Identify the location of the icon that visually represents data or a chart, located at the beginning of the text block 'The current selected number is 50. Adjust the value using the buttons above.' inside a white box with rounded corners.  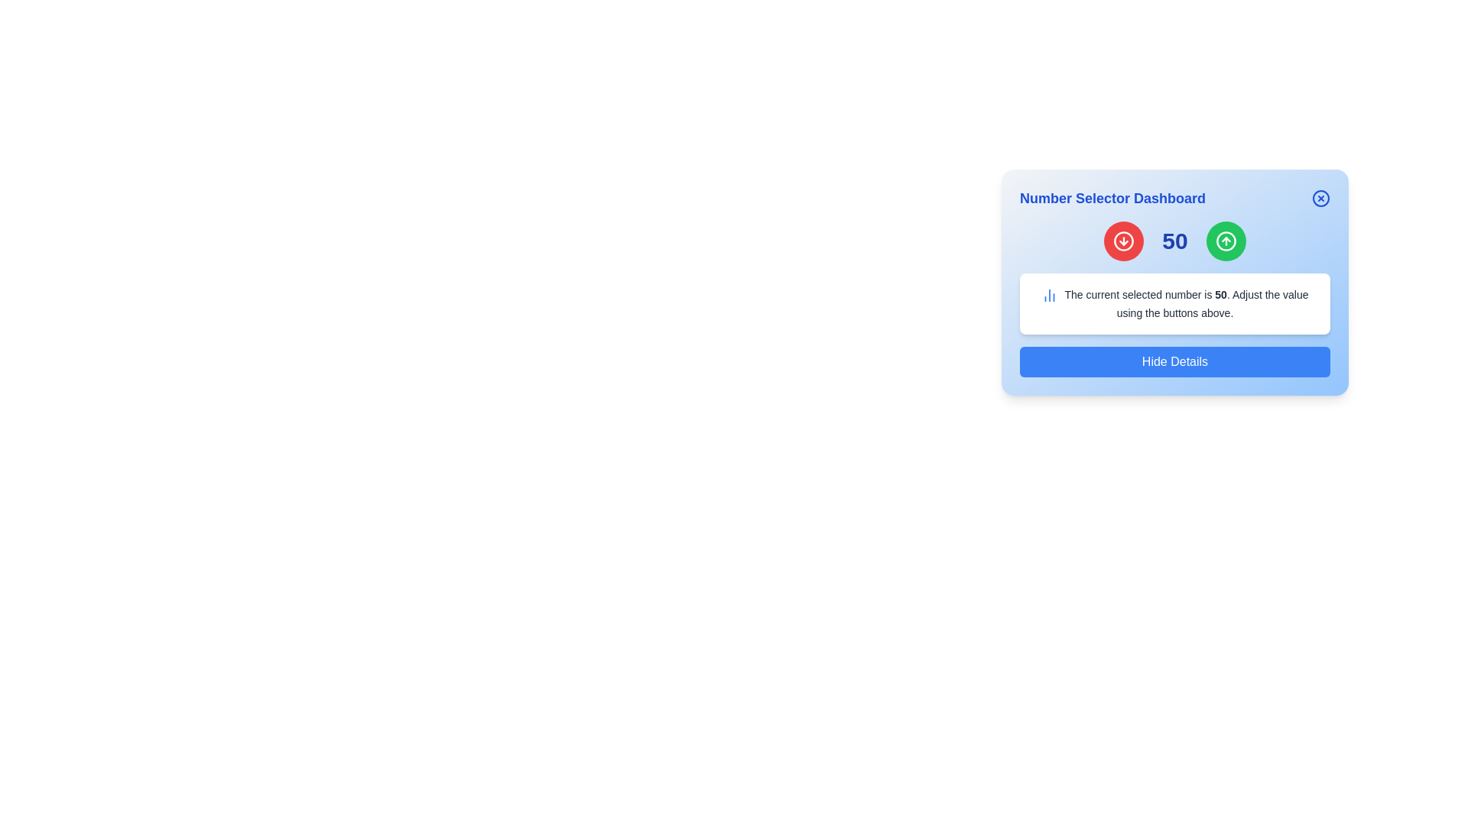
(1049, 295).